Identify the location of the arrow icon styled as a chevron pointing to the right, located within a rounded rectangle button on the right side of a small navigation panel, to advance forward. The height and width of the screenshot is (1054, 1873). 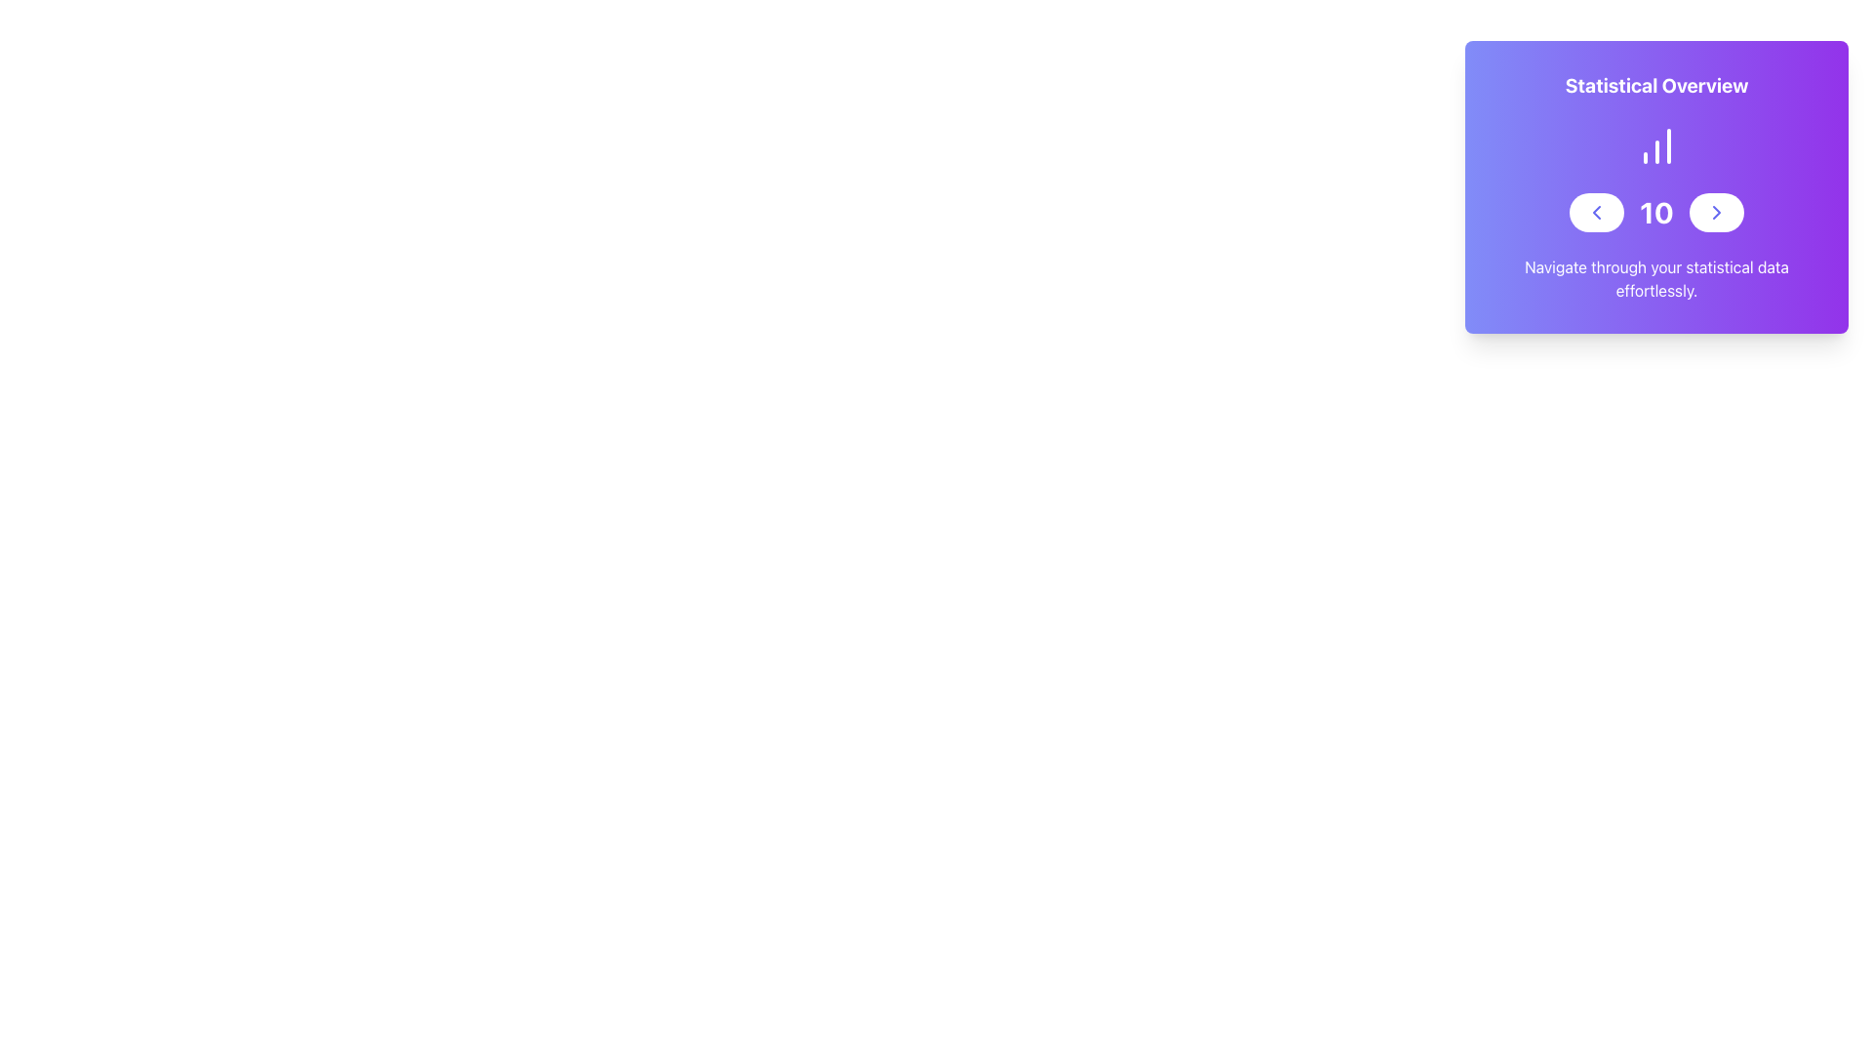
(1714, 213).